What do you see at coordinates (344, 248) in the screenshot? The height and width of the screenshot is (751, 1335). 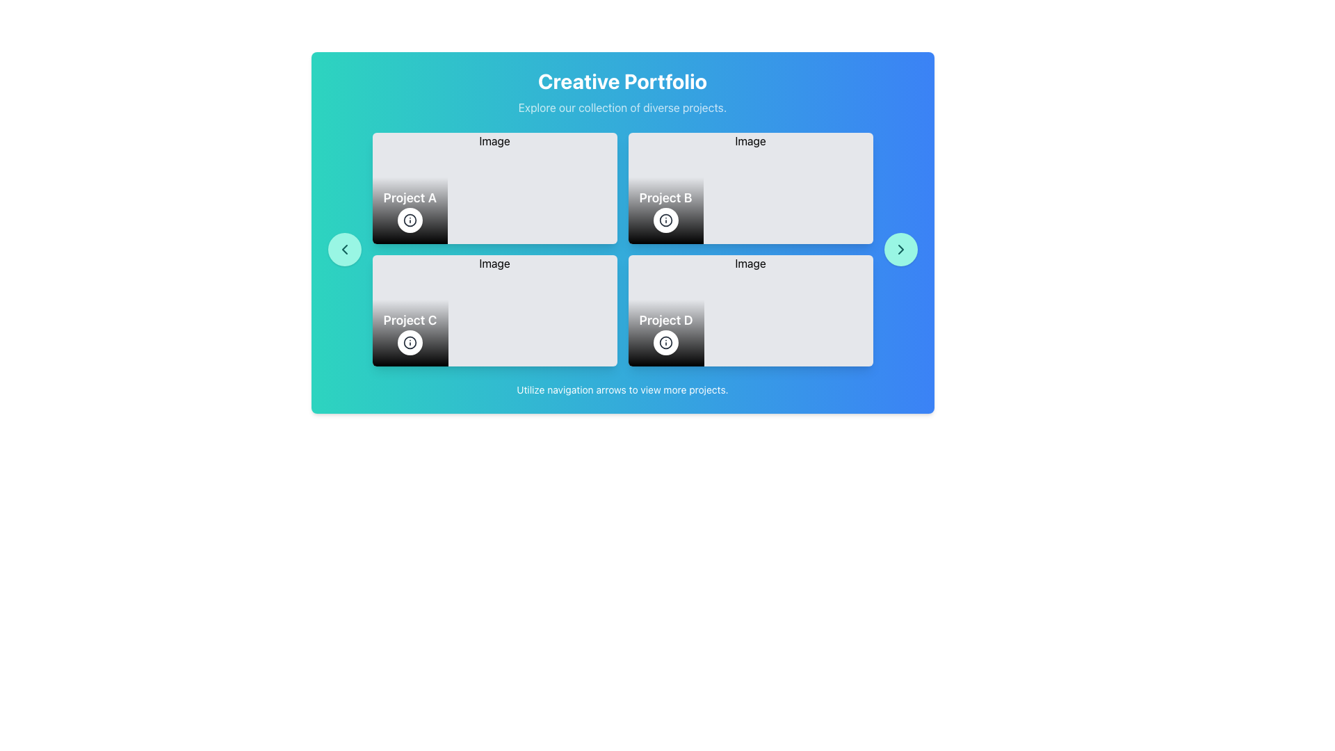 I see `the left arrow icon, which is centered within a circular button with a teal background` at bounding box center [344, 248].